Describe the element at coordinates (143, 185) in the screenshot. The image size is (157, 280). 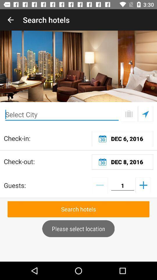
I see `the add icon` at that location.